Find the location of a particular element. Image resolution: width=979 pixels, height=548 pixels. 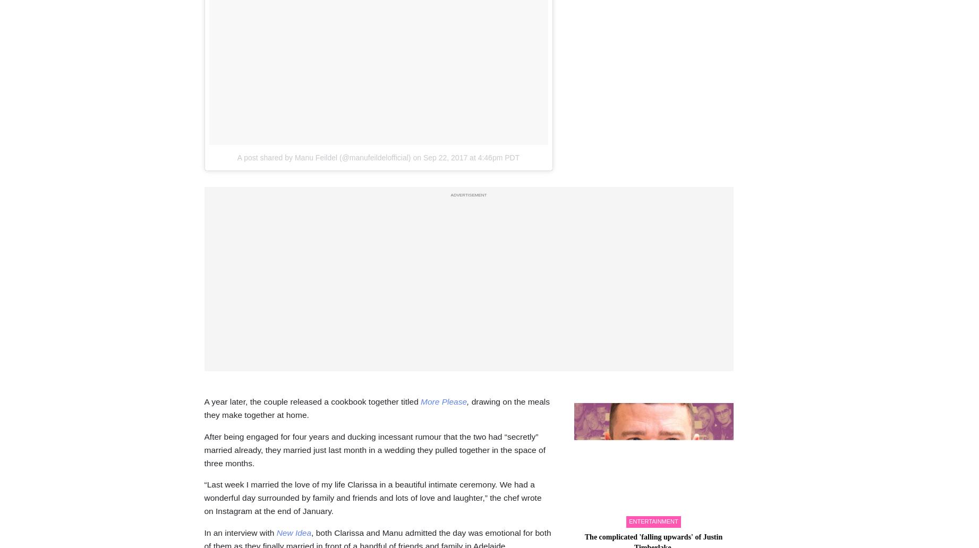

'After being engaged for four years and ducking incessant rumour that the two had “secretly” married already, they married just last month in a wedding they pulled together in the space of three months.' is located at coordinates (373, 449).